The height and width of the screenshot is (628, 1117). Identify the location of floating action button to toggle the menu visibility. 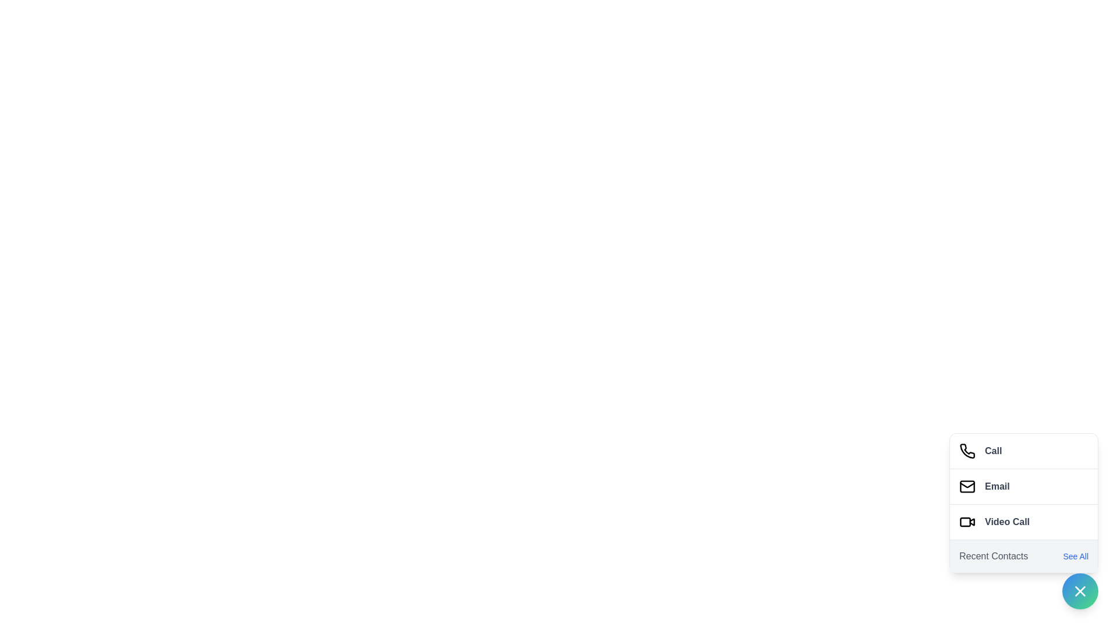
(1080, 591).